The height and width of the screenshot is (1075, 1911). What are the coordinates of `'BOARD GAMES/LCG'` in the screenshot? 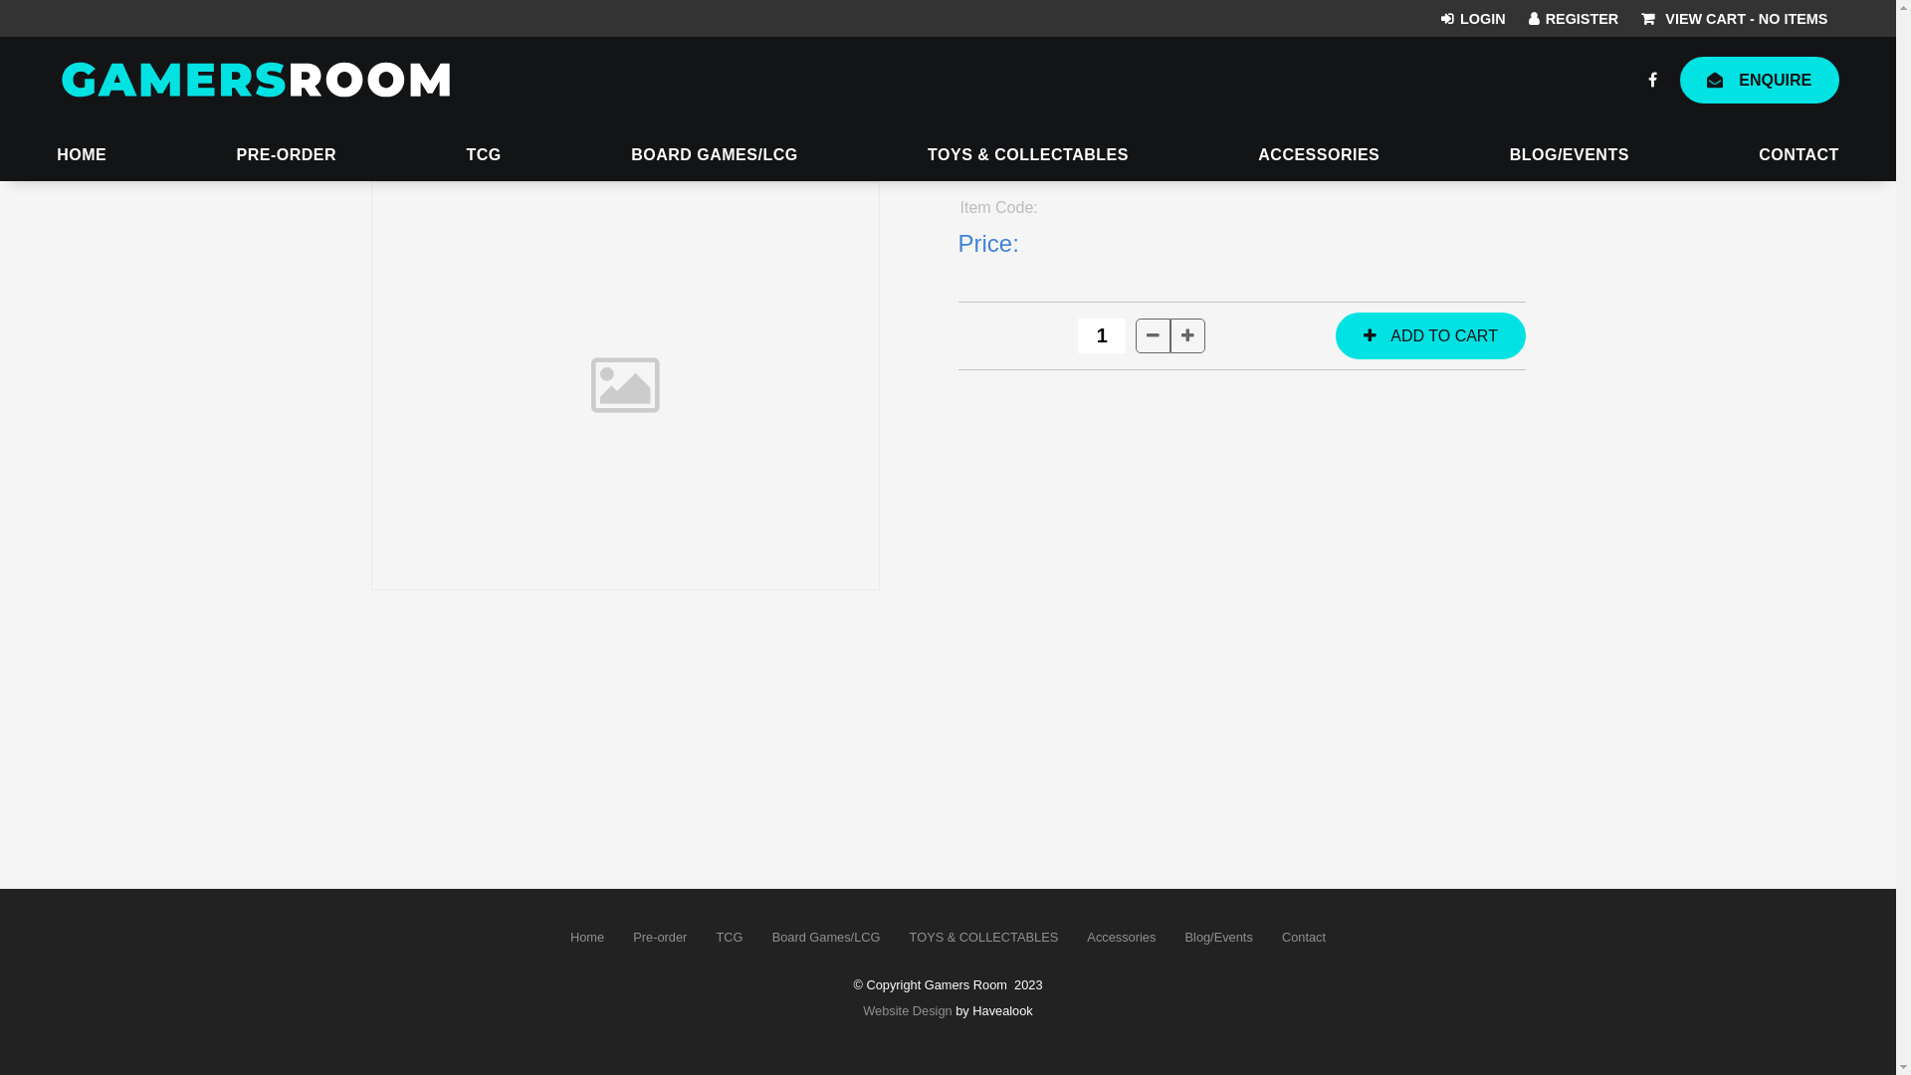 It's located at (715, 155).